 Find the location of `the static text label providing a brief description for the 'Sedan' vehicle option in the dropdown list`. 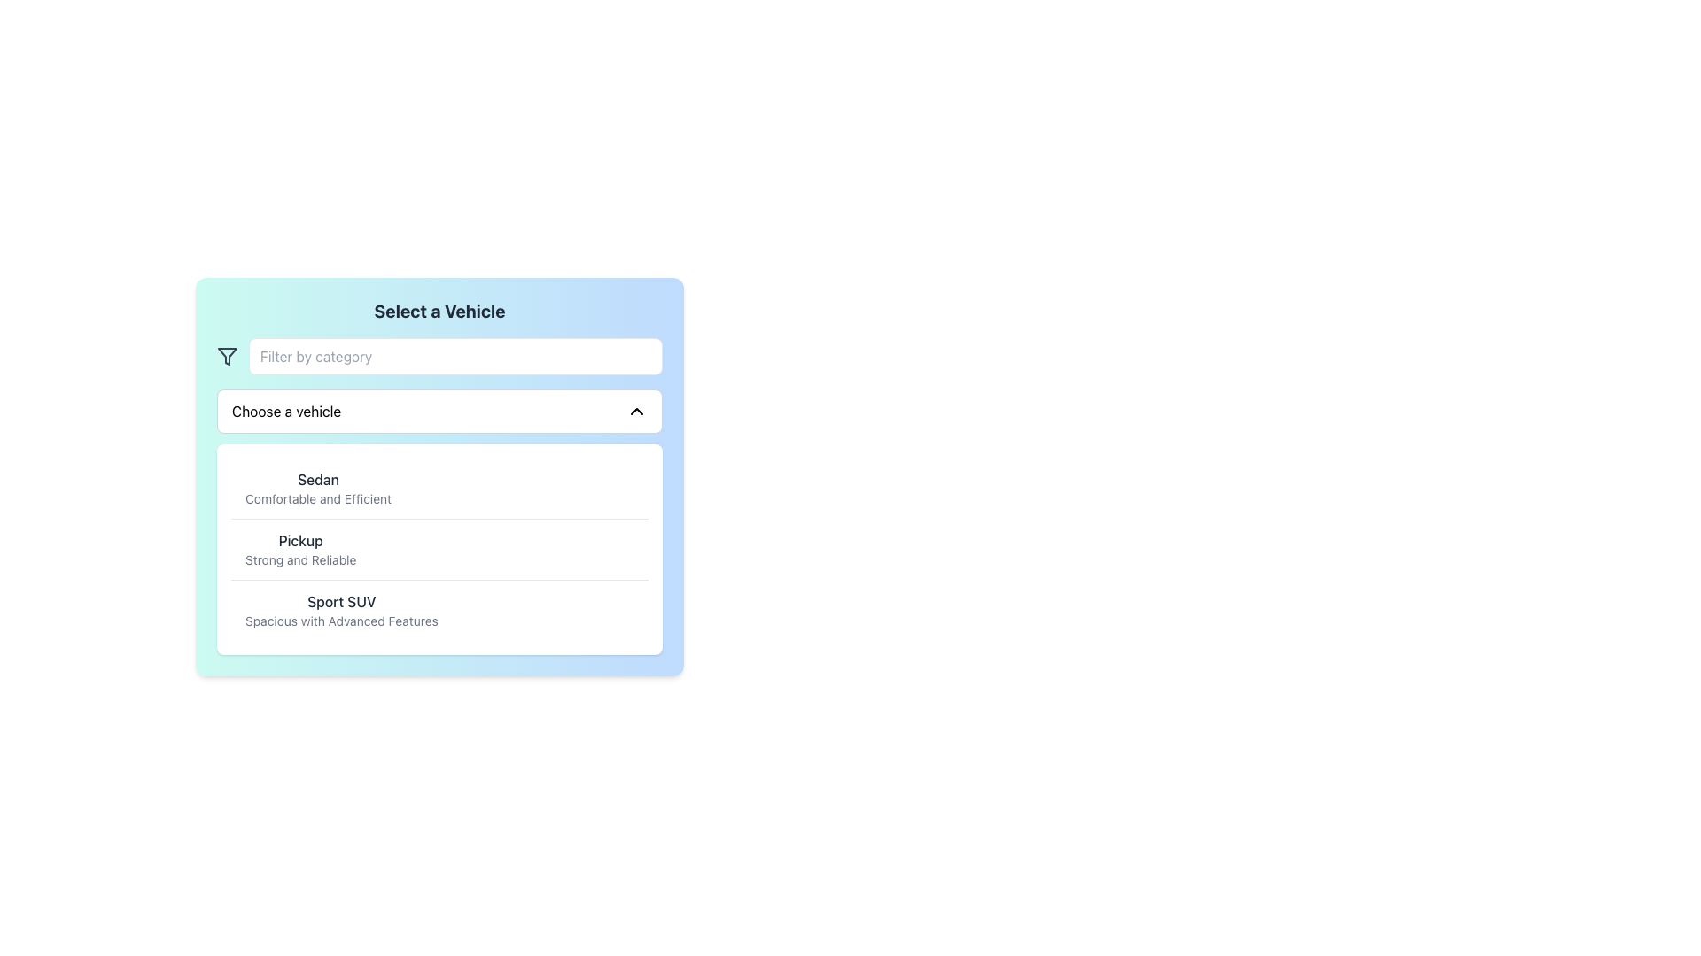

the static text label providing a brief description for the 'Sedan' vehicle option in the dropdown list is located at coordinates (318, 498).